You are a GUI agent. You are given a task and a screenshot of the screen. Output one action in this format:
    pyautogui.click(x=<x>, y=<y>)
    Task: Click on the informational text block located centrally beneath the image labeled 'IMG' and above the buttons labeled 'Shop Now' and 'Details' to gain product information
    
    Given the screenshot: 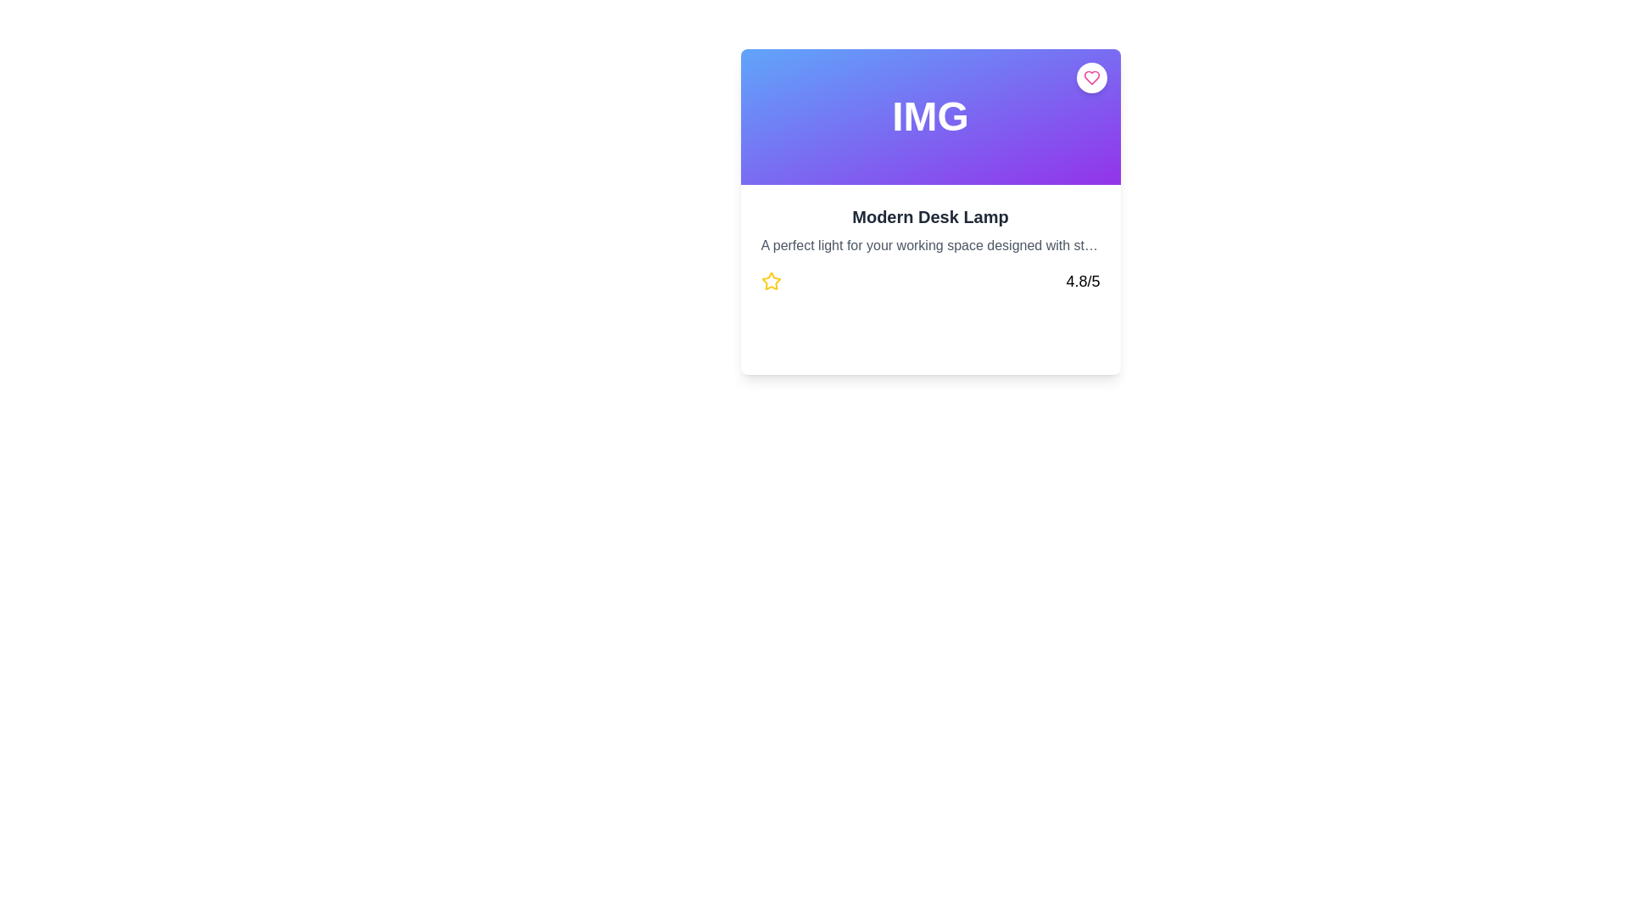 What is the action you would take?
    pyautogui.click(x=929, y=249)
    